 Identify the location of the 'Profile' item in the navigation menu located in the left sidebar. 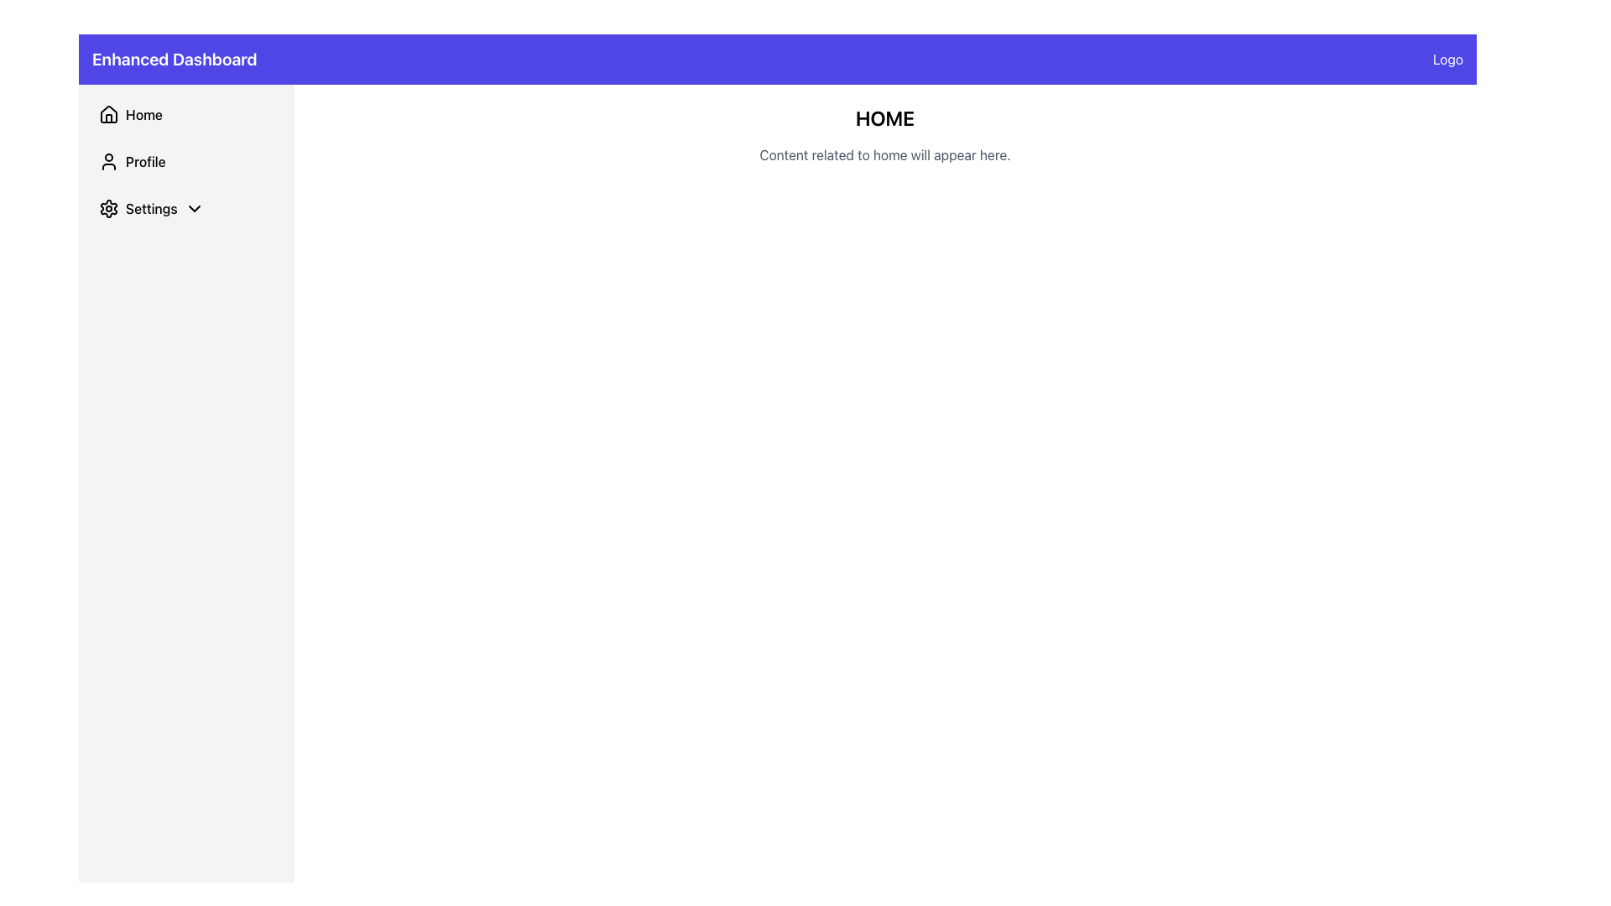
(185, 161).